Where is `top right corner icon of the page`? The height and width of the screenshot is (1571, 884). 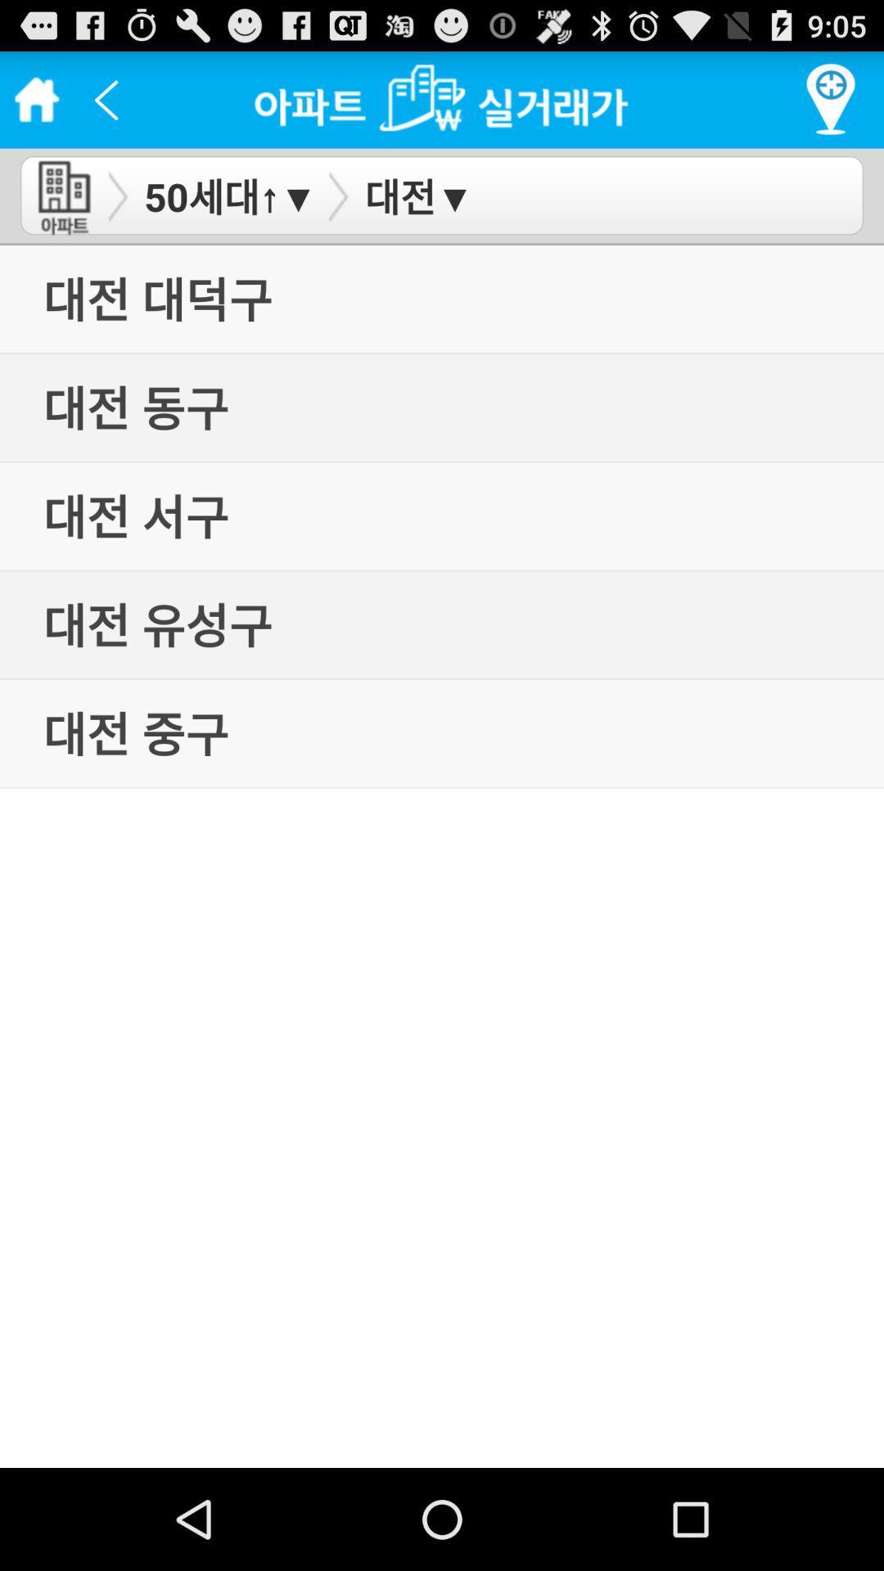
top right corner icon of the page is located at coordinates (830, 99).